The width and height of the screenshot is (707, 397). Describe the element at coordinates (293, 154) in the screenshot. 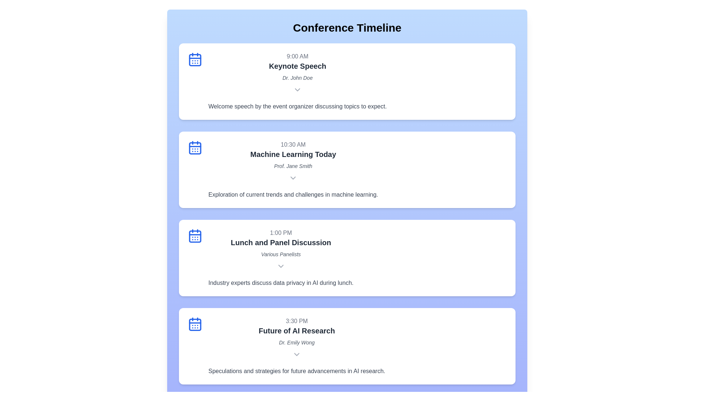

I see `the text heading displaying 'Machine Learning Today', which is styled in bold and dark gray, located between the time indicator '10:30 AM' and the speaker's name 'Prof. Jane Smith'` at that location.